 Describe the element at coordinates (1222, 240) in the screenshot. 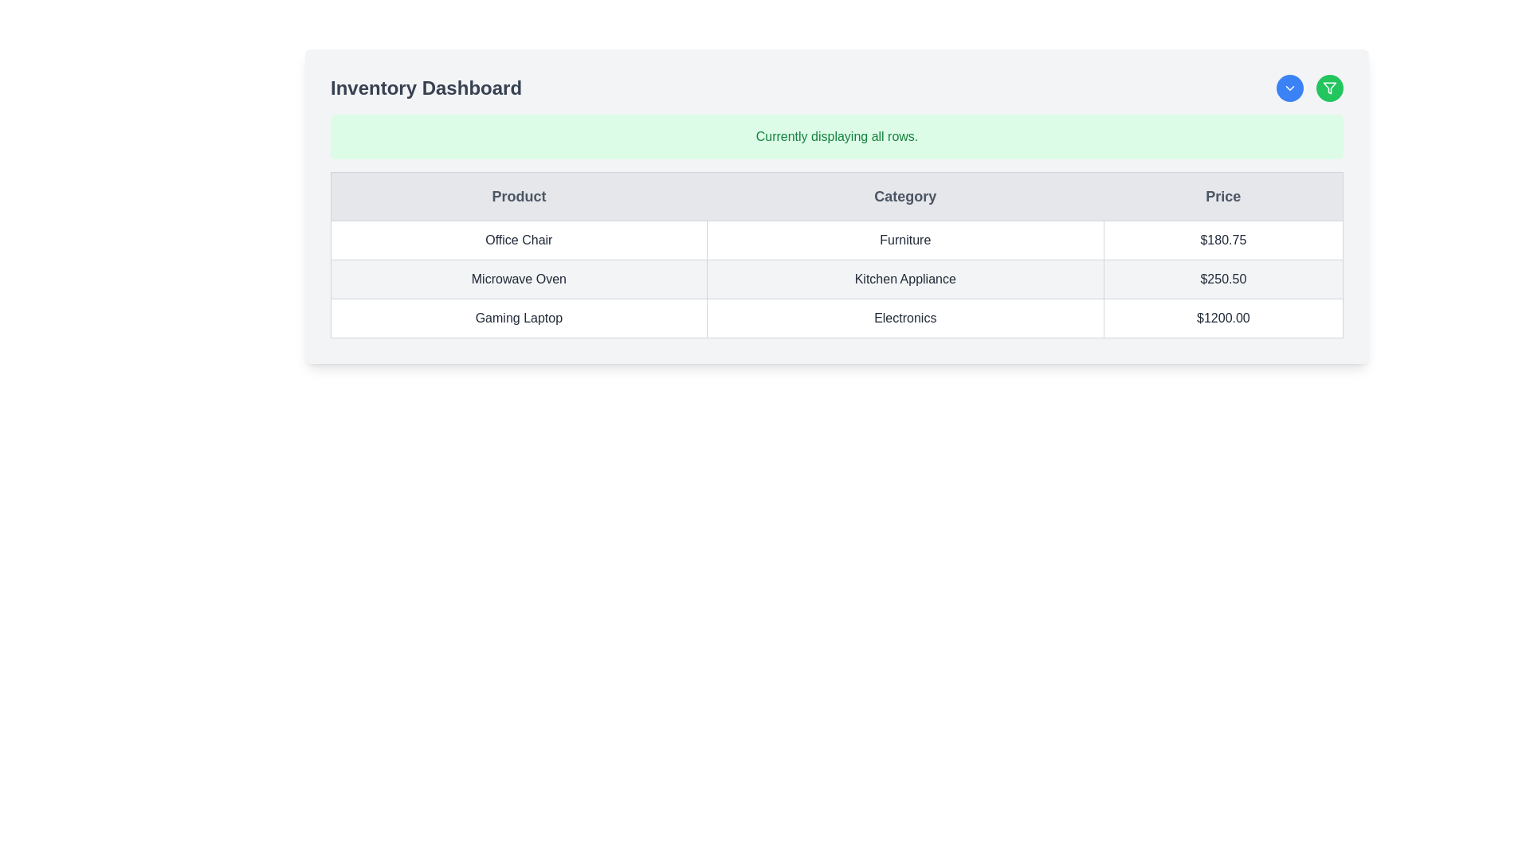

I see `the price label displaying '$180.75' in the third cell of the first row of the table` at that location.